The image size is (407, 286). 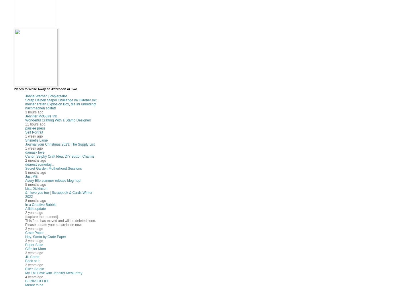 What do you see at coordinates (36, 188) in the screenshot?
I see `'Lisa Dickinson'` at bounding box center [36, 188].